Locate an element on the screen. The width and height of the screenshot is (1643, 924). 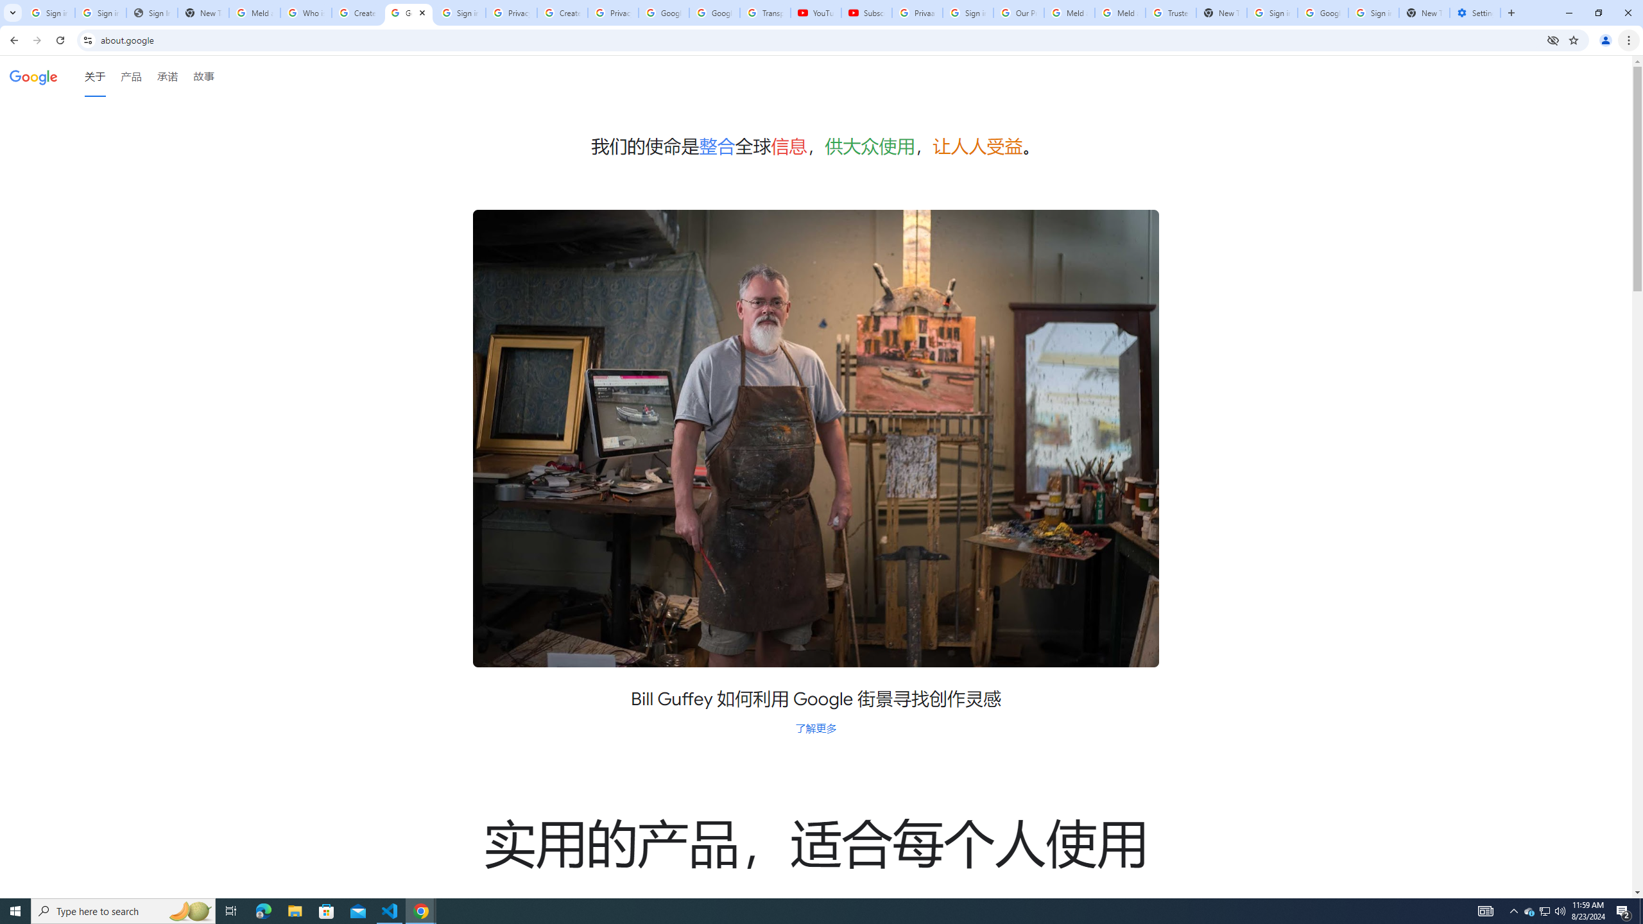
'Settings - Addresses and more' is located at coordinates (1475, 12).